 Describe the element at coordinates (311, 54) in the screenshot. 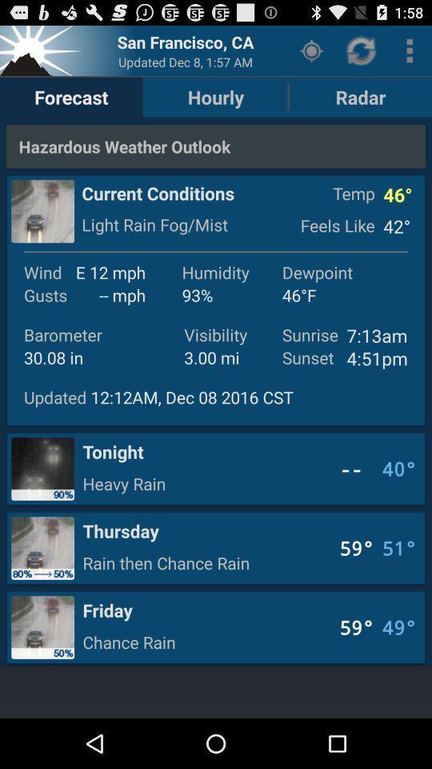

I see `the location_crosshair icon` at that location.